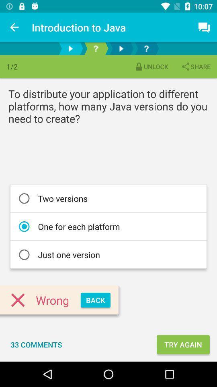 The width and height of the screenshot is (217, 387). Describe the element at coordinates (95, 300) in the screenshot. I see `item to the right of wrong item` at that location.